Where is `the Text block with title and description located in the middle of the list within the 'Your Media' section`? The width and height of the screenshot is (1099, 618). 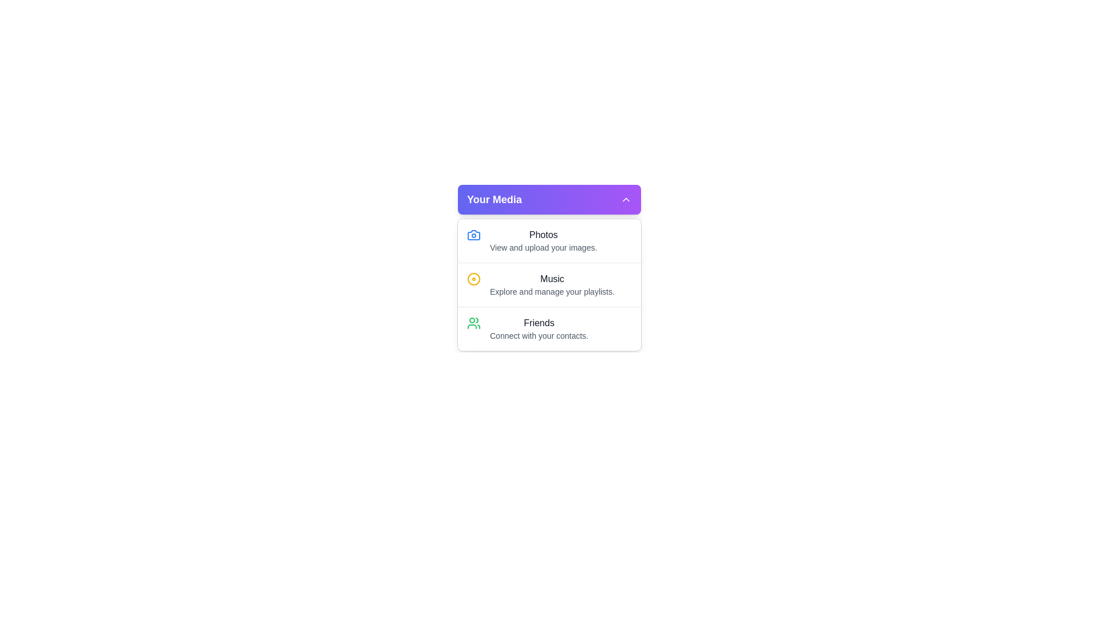
the Text block with title and description located in the middle of the list within the 'Your Media' section is located at coordinates (552, 284).